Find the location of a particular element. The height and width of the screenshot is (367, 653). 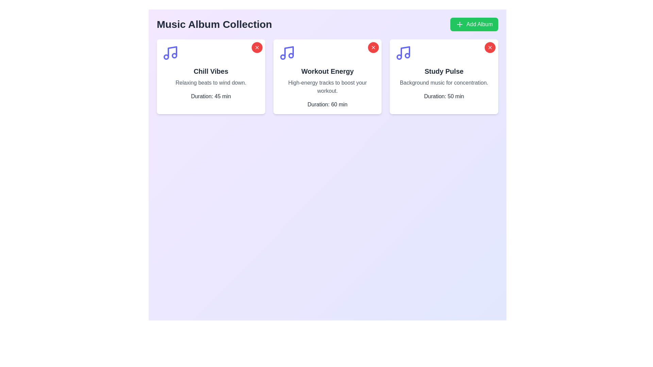

the close button icon in the top-right corner of the 'Chill Vibes' album card is located at coordinates (256, 47).